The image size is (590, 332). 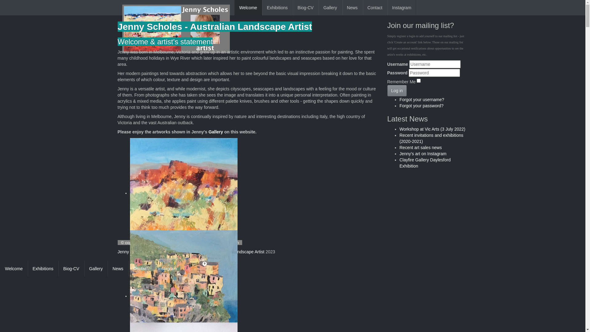 I want to click on 'News', so click(x=118, y=268).